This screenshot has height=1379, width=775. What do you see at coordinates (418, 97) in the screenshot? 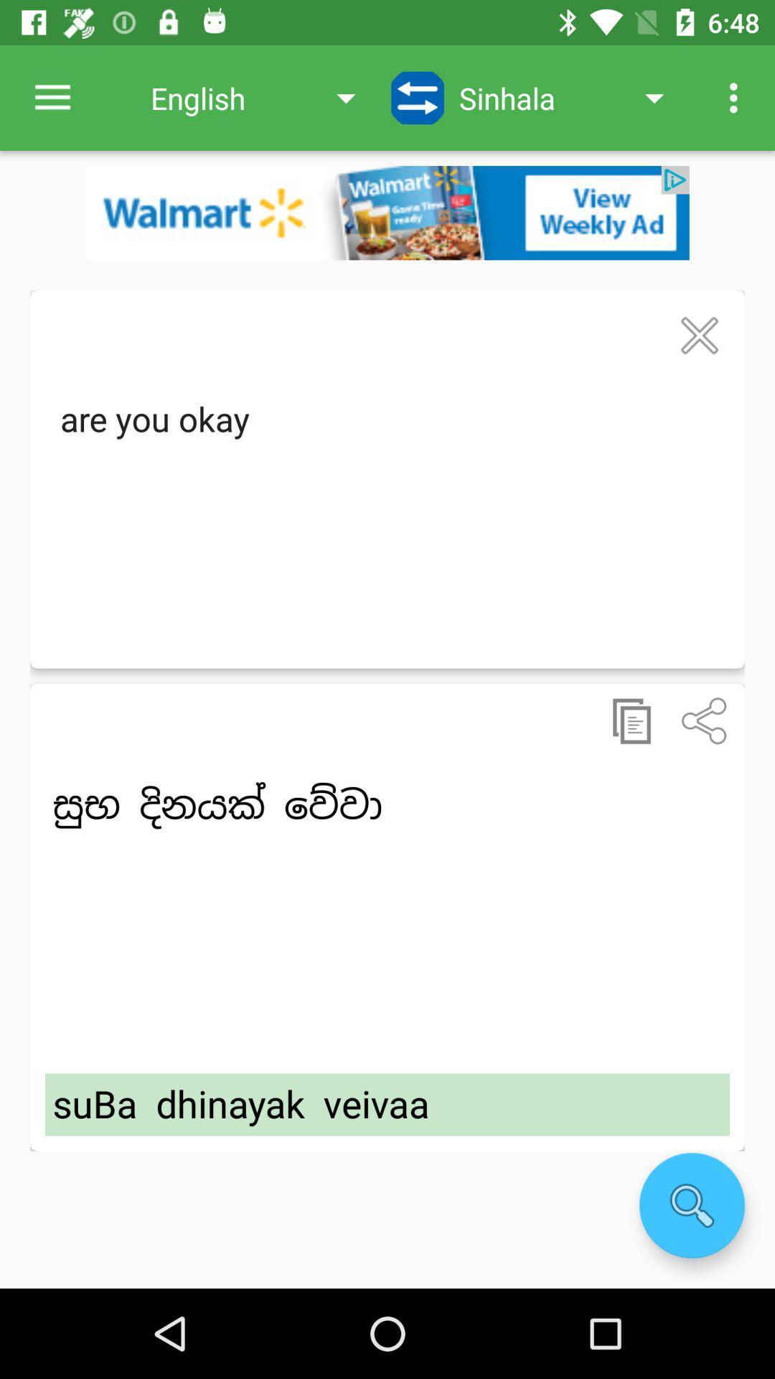
I see `the app to the right of the english` at bounding box center [418, 97].